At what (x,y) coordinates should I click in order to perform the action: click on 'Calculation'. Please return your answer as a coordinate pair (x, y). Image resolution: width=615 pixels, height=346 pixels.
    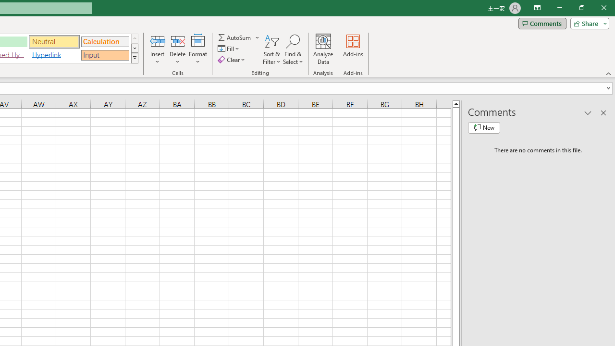
    Looking at the image, I should click on (105, 41).